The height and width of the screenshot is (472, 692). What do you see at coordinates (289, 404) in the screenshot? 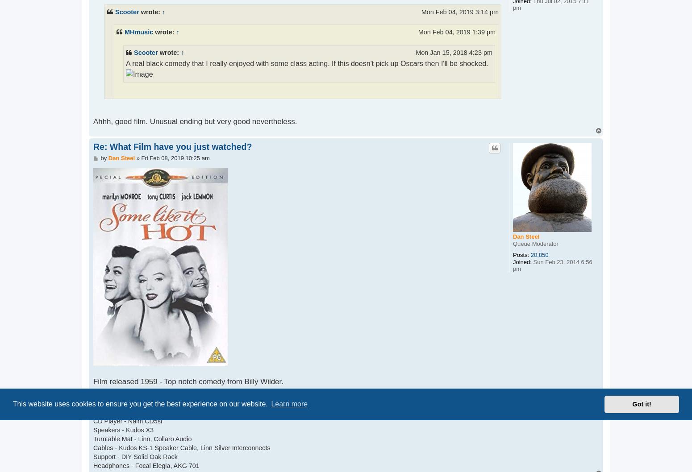
I see `'Learn more'` at bounding box center [289, 404].